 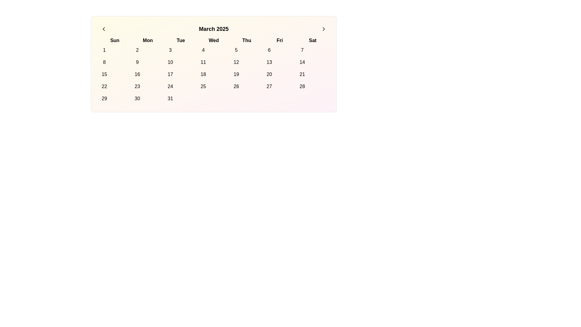 I want to click on the circular button with the text '7' to change its background color to pink, so click(x=302, y=50).